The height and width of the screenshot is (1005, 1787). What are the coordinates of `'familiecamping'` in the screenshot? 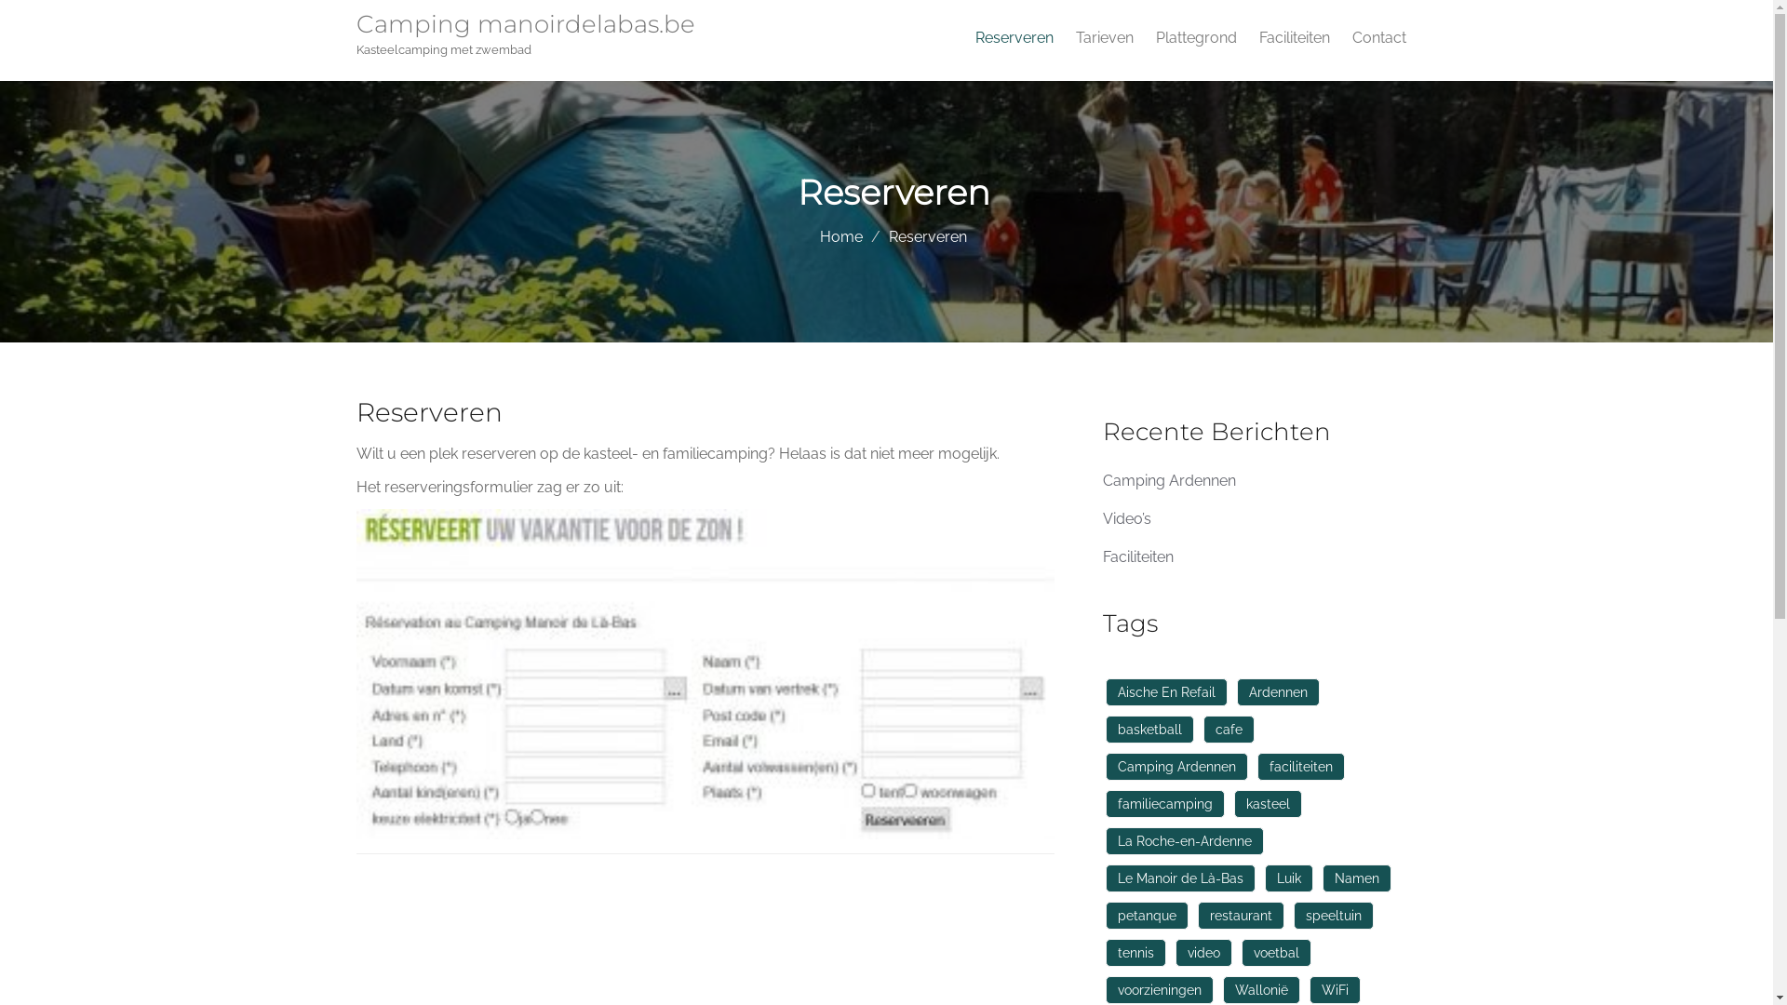 It's located at (1164, 803).